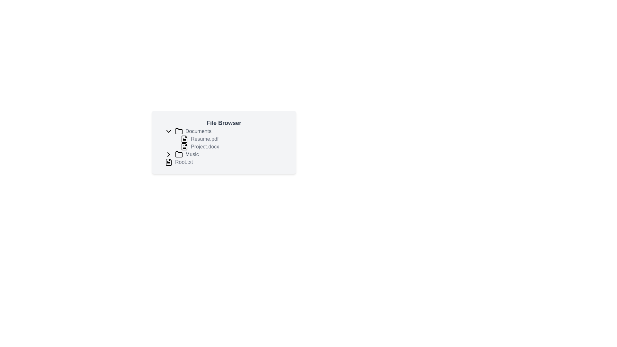  I want to click on the 'Documents' text label, so click(198, 131).